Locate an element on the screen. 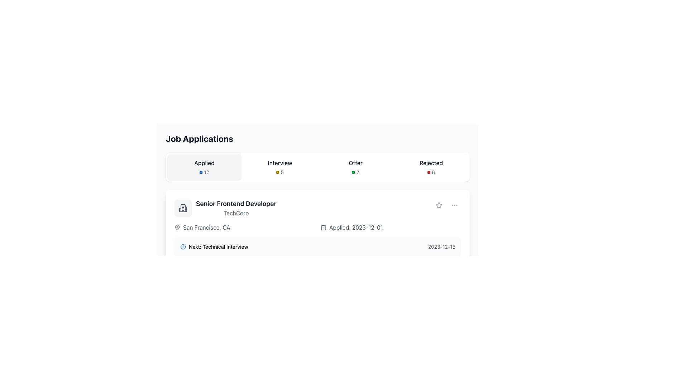  informational text element displaying 'Offer' with a green circle indicator and the number '2', which is center-aligned in a horizontal list is located at coordinates (355, 167).